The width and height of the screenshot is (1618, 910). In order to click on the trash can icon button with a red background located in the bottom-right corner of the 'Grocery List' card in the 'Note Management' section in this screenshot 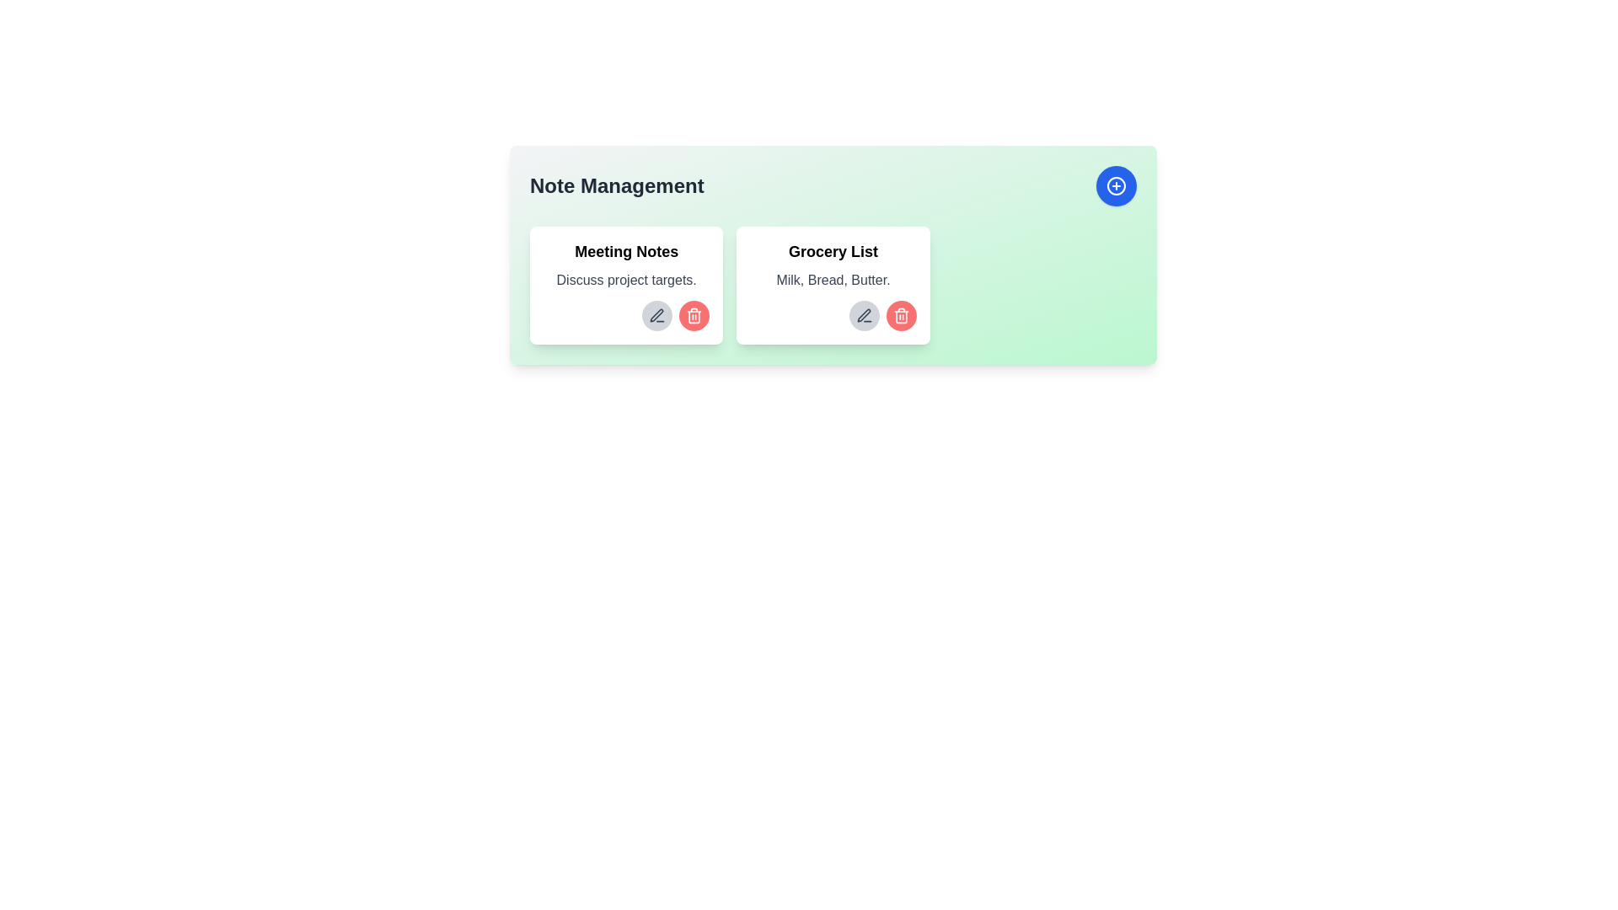, I will do `click(694, 315)`.